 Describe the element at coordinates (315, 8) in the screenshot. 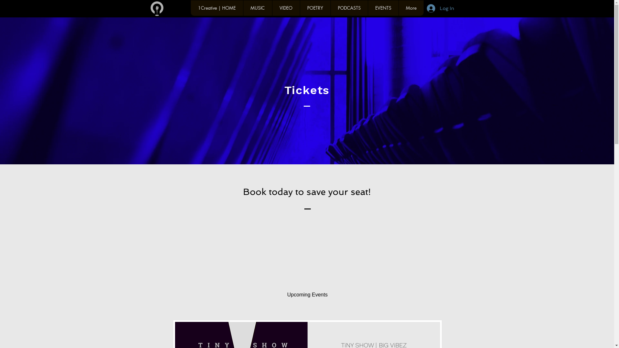

I see `'POETRY'` at that location.